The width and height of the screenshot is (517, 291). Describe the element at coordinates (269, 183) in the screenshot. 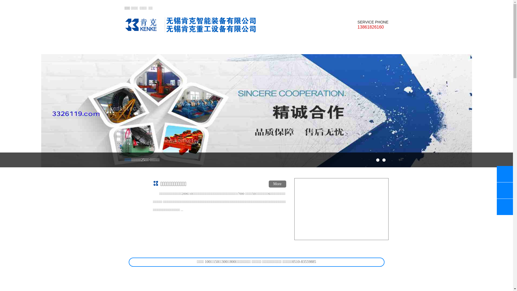

I see `'More'` at that location.